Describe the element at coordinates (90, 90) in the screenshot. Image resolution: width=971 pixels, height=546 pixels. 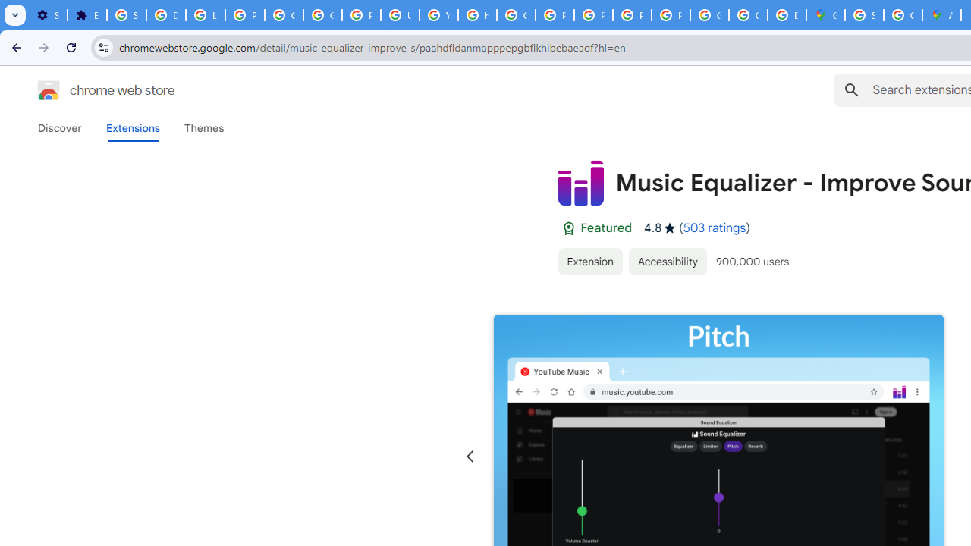
I see `'Chrome Web Store logo chrome web store'` at that location.